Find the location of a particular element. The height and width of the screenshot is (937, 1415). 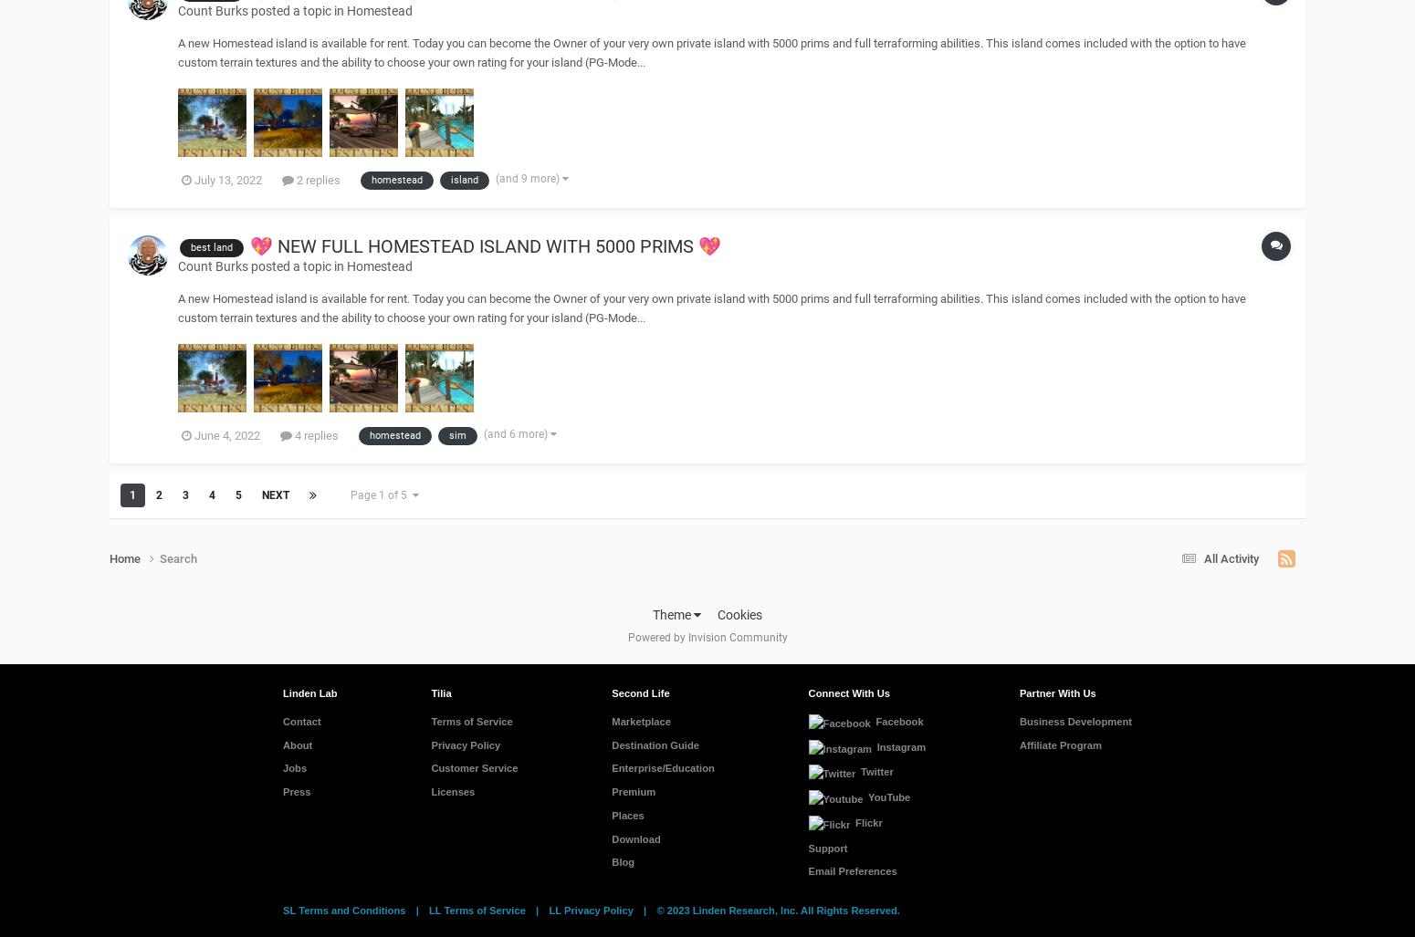

'June 4, 2022' is located at coordinates (226, 434).